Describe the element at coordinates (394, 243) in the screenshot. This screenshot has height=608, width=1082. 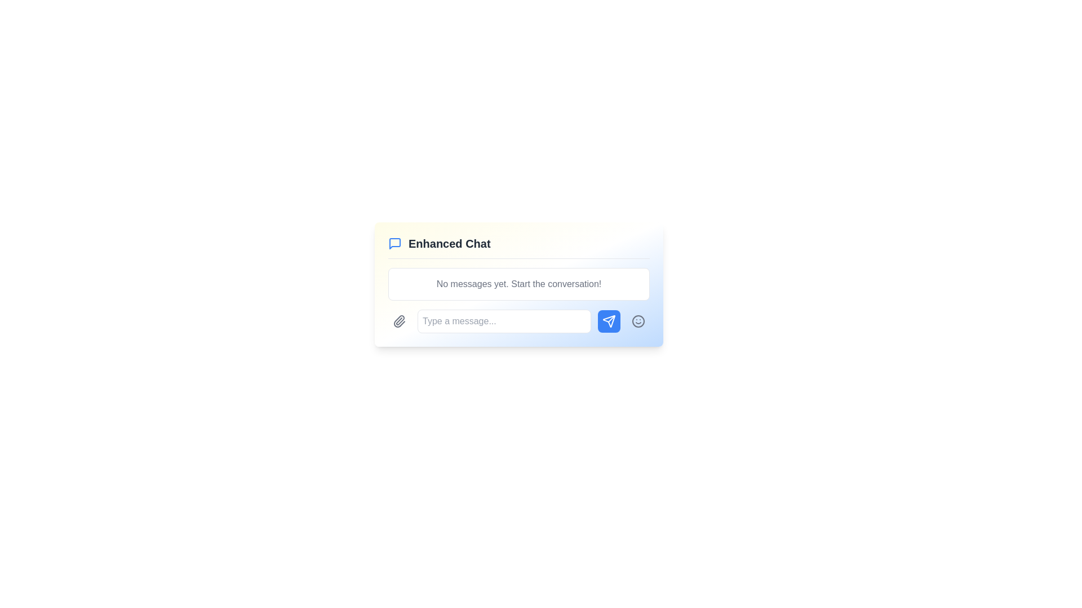
I see `the chat icon located to the left of the bold text 'Enhanced Chat' in the top section of the interface` at that location.